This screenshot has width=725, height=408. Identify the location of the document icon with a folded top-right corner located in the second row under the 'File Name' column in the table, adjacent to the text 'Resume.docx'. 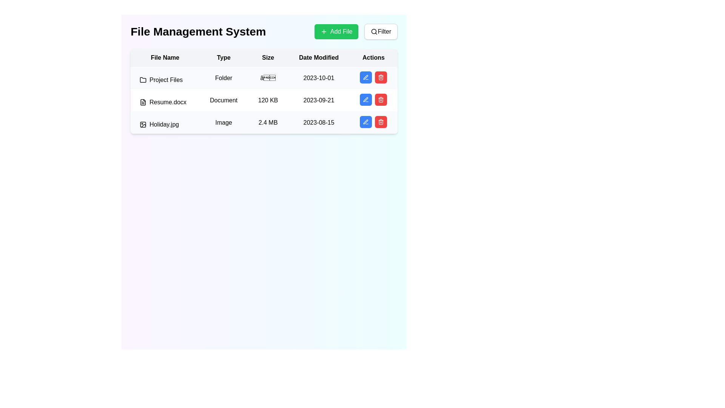
(143, 102).